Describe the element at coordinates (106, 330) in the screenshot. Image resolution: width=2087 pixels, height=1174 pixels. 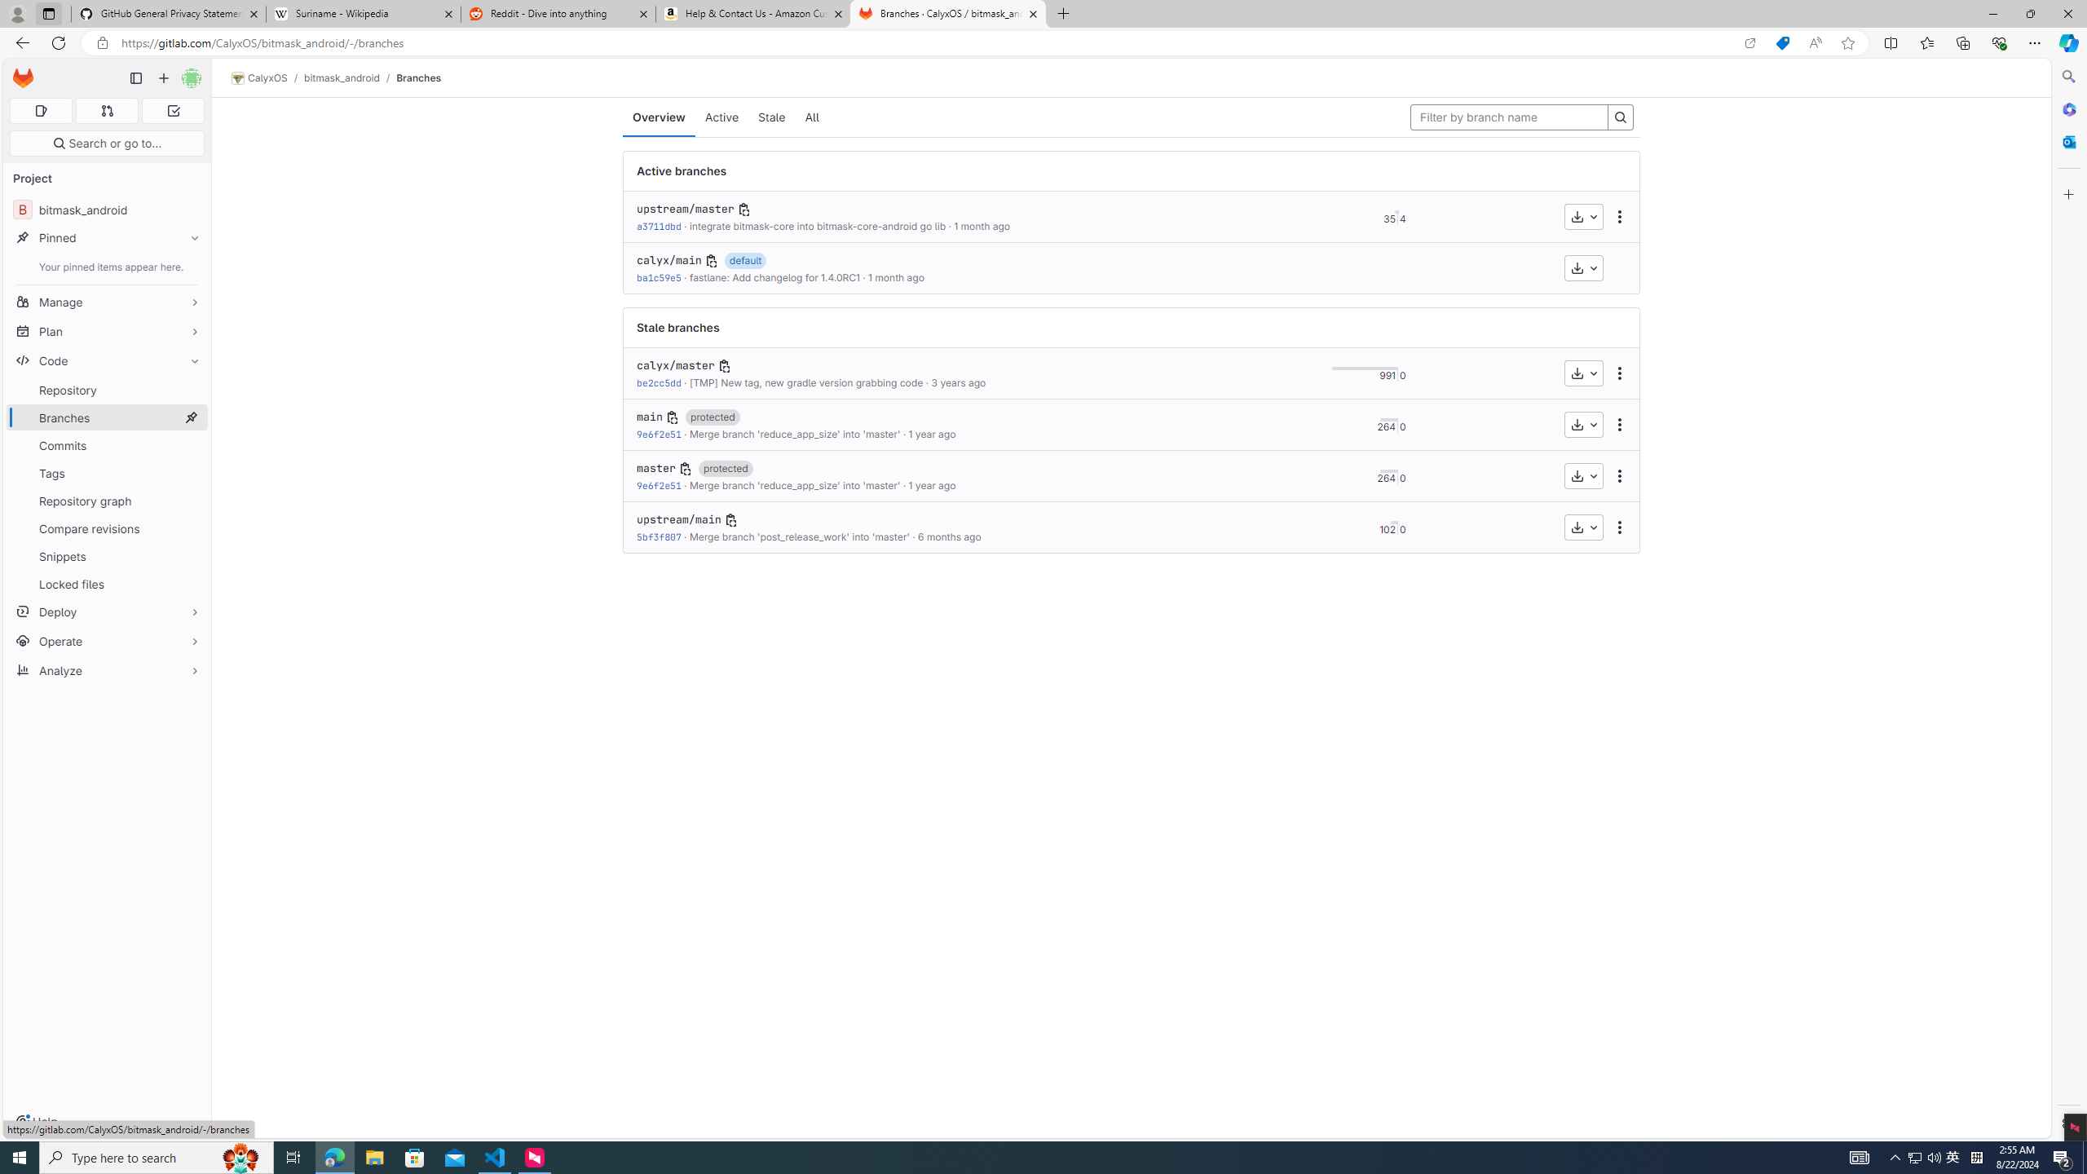
I see `'Plan'` at that location.